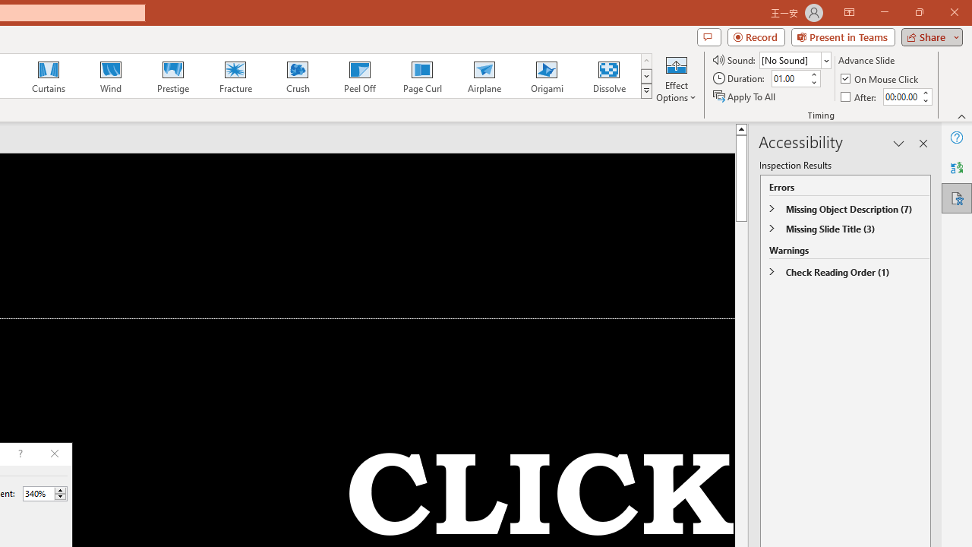 This screenshot has height=547, width=972. I want to click on 'Percent', so click(38, 493).